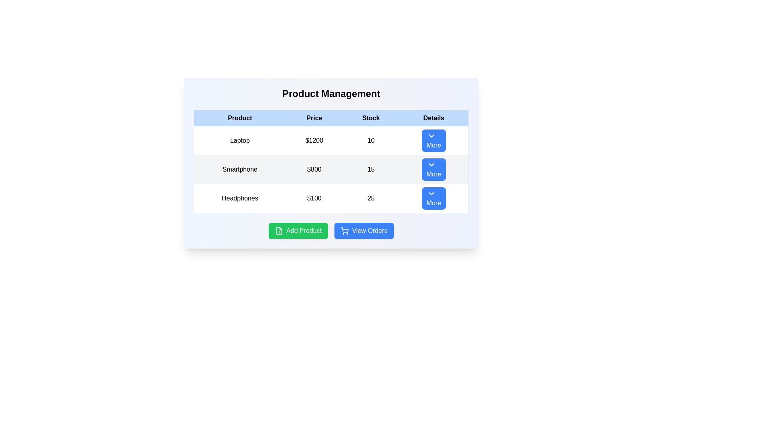  I want to click on the downward-pointing chevron icon located within the blue rectangular button labeled 'More' in the 'Details' column of the third row of the table for the 'Headphones' product entry, so click(431, 193).